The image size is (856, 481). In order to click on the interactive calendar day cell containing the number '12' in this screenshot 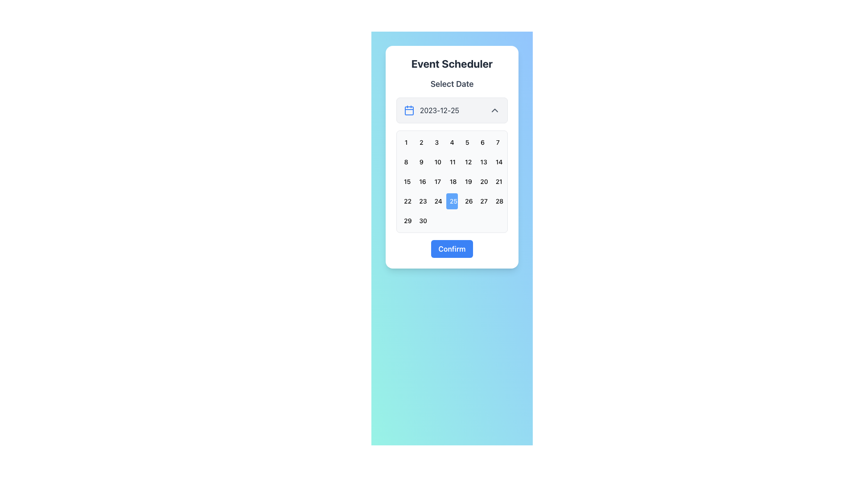, I will do `click(467, 162)`.